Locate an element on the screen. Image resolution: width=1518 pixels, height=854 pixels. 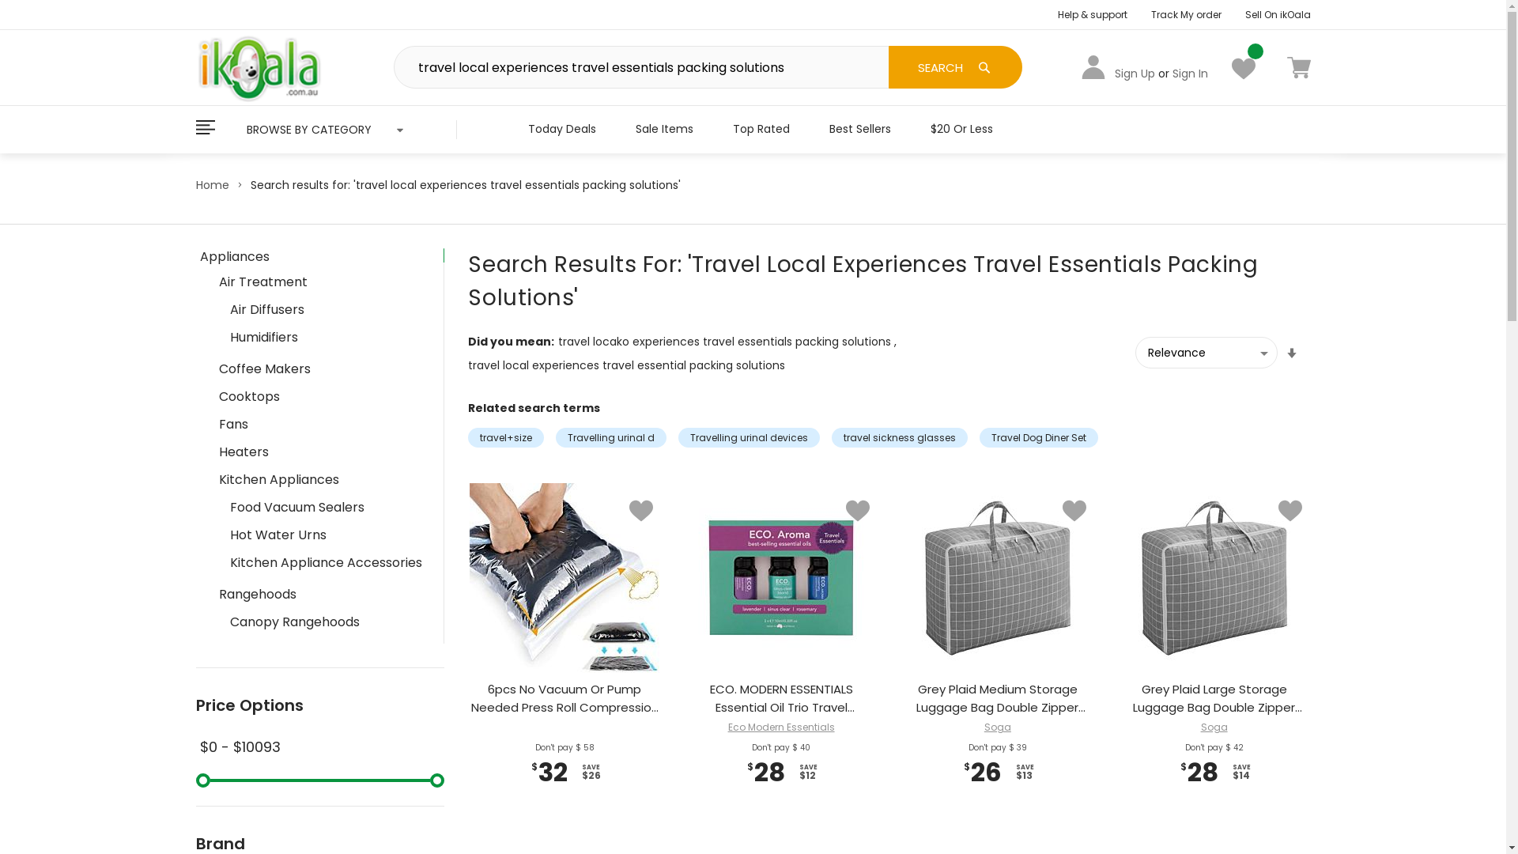
'My Cart' is located at coordinates (1298, 66).